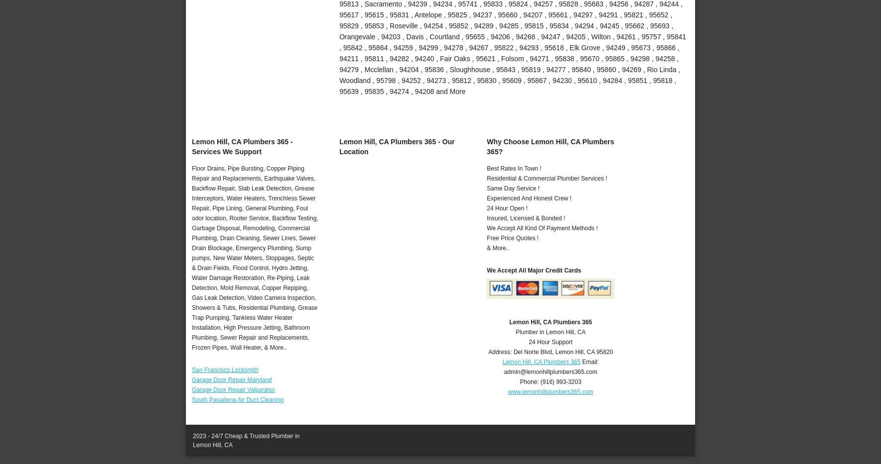 The height and width of the screenshot is (464, 881). What do you see at coordinates (254, 258) in the screenshot?
I see `'Floor Drains, 
Pipe Bursting, 
Copper Piping Repair and Replacements, 
Earthquake Valves, 
Backflow Repair, 
Slab Leak Detection, 
Grease Interceptors, 
Water Heaters, 
Trenchless Sewer Repair, 
Pipe Lining, 
General Plumbing, 
Foul odor location, 
Rooter Service, 
Backflow Testing, 
Garbage Disposal, 
Remodeling, 
Commercial Plumbing, 
Drain Cleaning, 
Sewer Lines, 
Sewer Drain Blockage, 
Emergency Plumbing, 
Sump pumps, 
New Water Meters, 
Stoppages, 
Septic & Drain Fields, 
Flood Control, 
Hydro Jetting, 
Water Damage Restoration, 
Re-Piping, 
Leak Detection, 
Mold Removal, 
Copper Repiping, 
Gas Leak Detection, 
Video Camera Inspection, 
Showers & Tubs, 
Residential Plumbing, 
Grease Trap Pumping, 
Tankless Water Heater Installation, 
High Pressure Jetting, 
Bathroom Plumbing, 
Sewer Repair and Replacements, 
Frozen Pipes, 
Wall Heater, 
 & More..'` at bounding box center [254, 258].